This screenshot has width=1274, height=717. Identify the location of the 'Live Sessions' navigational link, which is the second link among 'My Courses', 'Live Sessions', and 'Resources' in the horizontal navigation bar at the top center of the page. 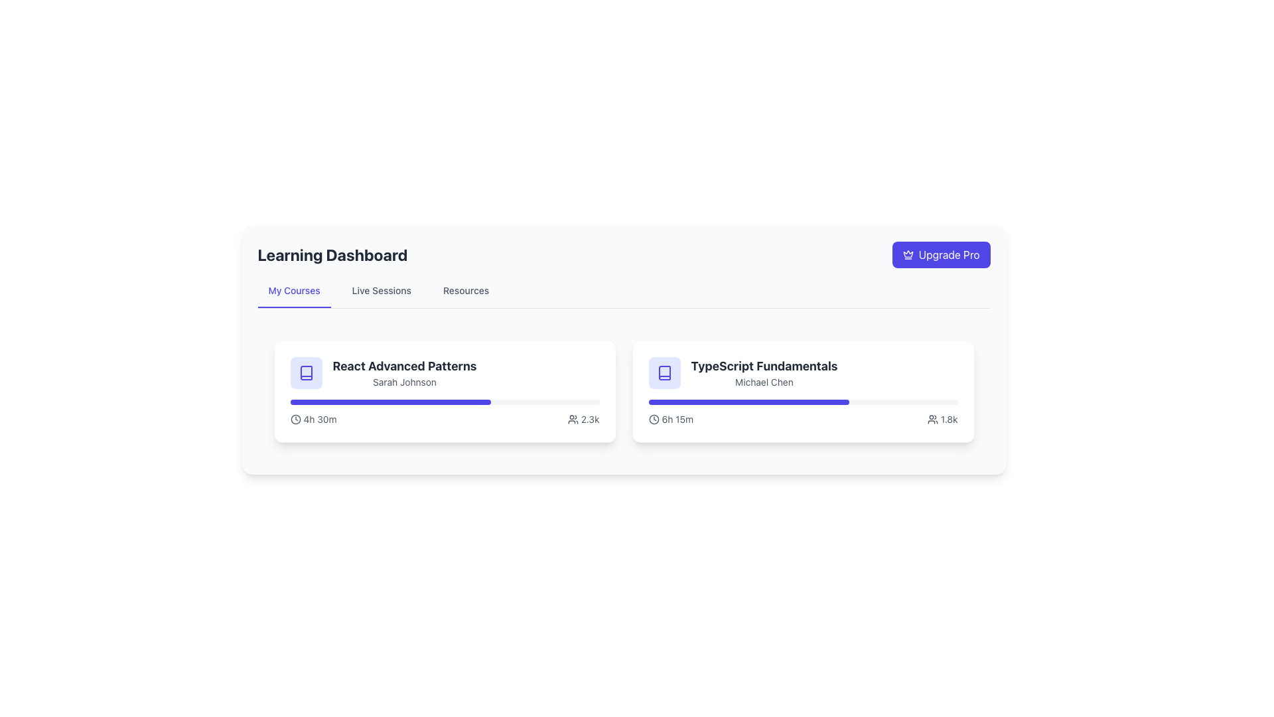
(381, 295).